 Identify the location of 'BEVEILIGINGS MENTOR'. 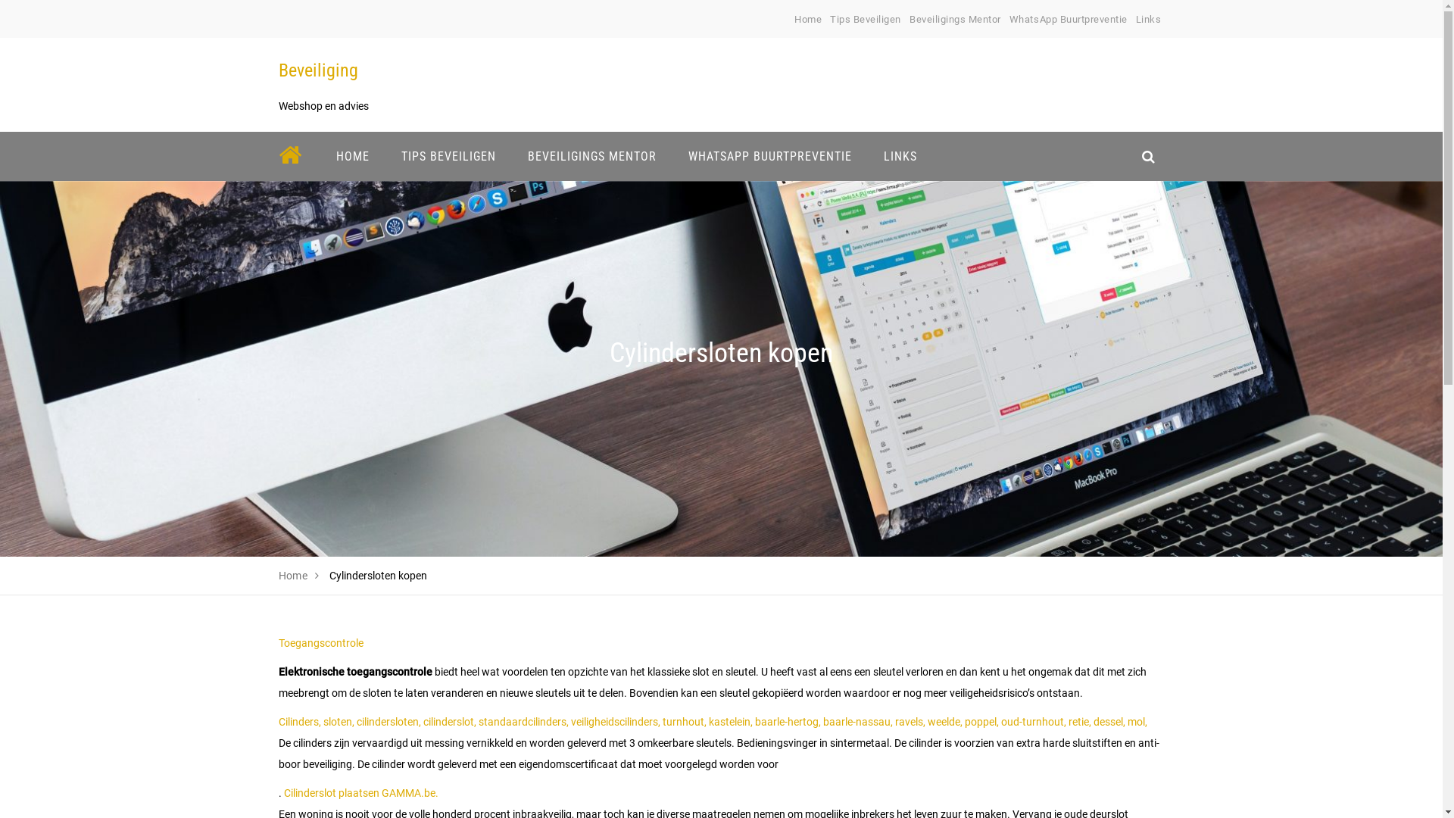
(518, 156).